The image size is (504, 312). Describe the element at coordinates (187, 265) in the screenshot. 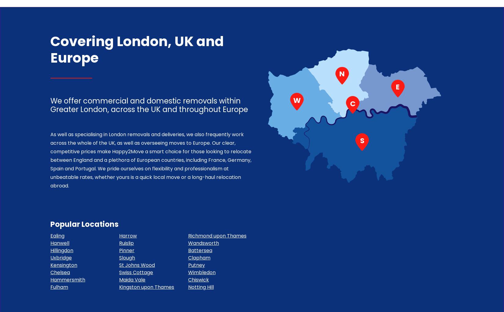

I see `'Putney'` at that location.